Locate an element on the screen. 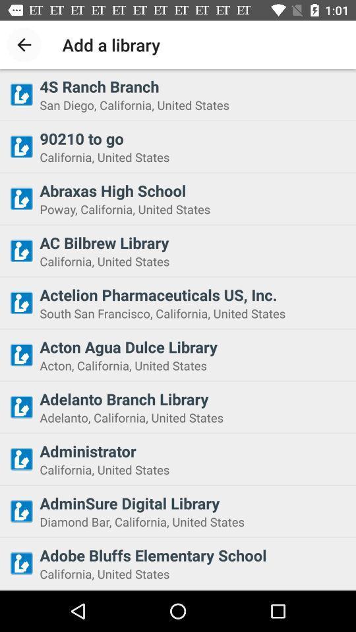 This screenshot has width=356, height=632. the item below diamond bar california is located at coordinates (193, 554).